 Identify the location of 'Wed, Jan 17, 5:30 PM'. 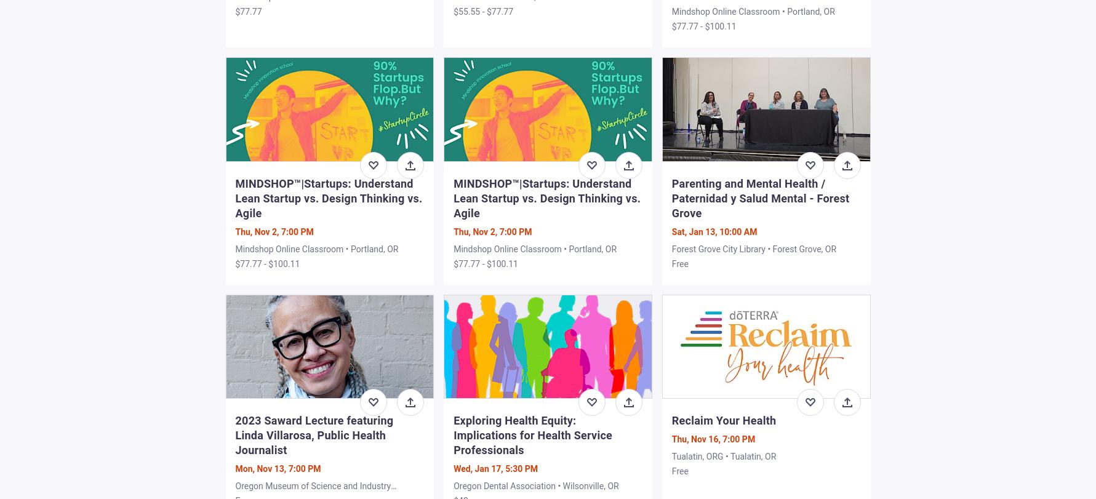
(452, 467).